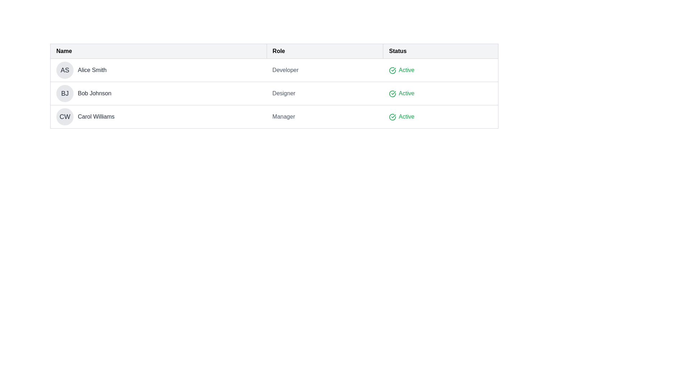 This screenshot has width=689, height=387. Describe the element at coordinates (392, 70) in the screenshot. I see `the active status icon located to the left of the text 'Active' in the 'Status' column of the first row in the table` at that location.